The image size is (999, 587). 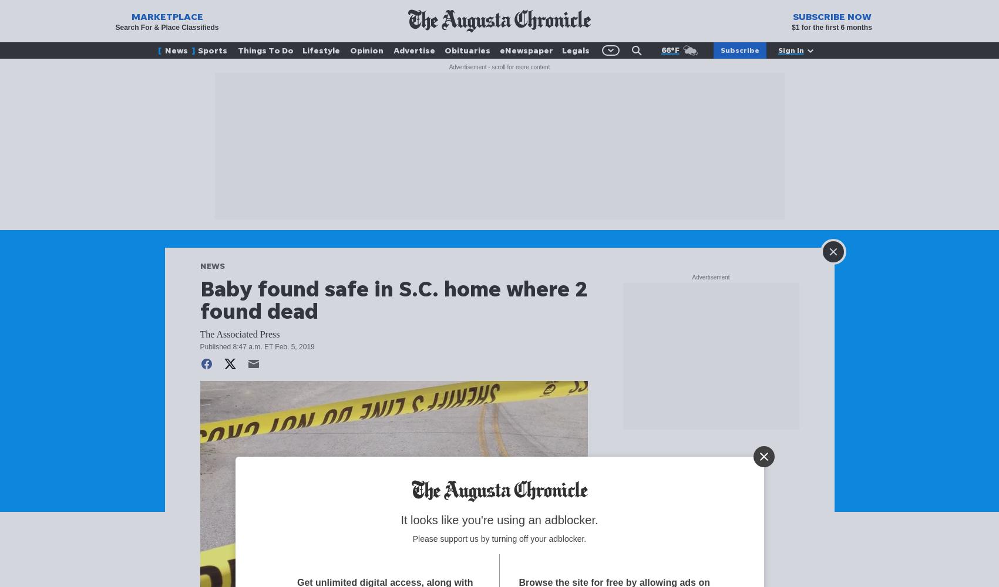 I want to click on 'Opinion', so click(x=365, y=49).